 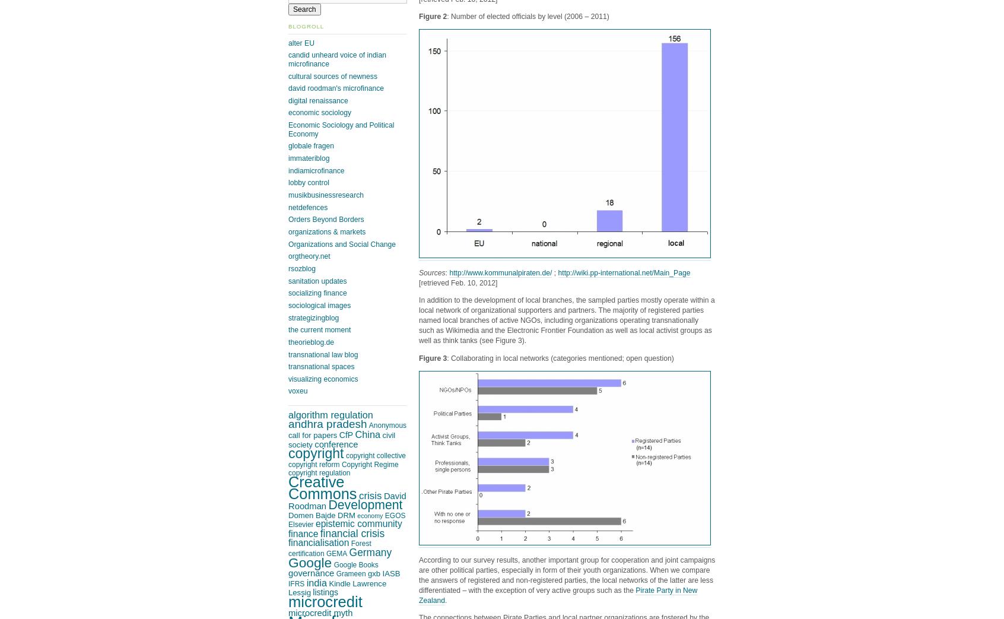 I want to click on 'call for papers', so click(x=287, y=435).